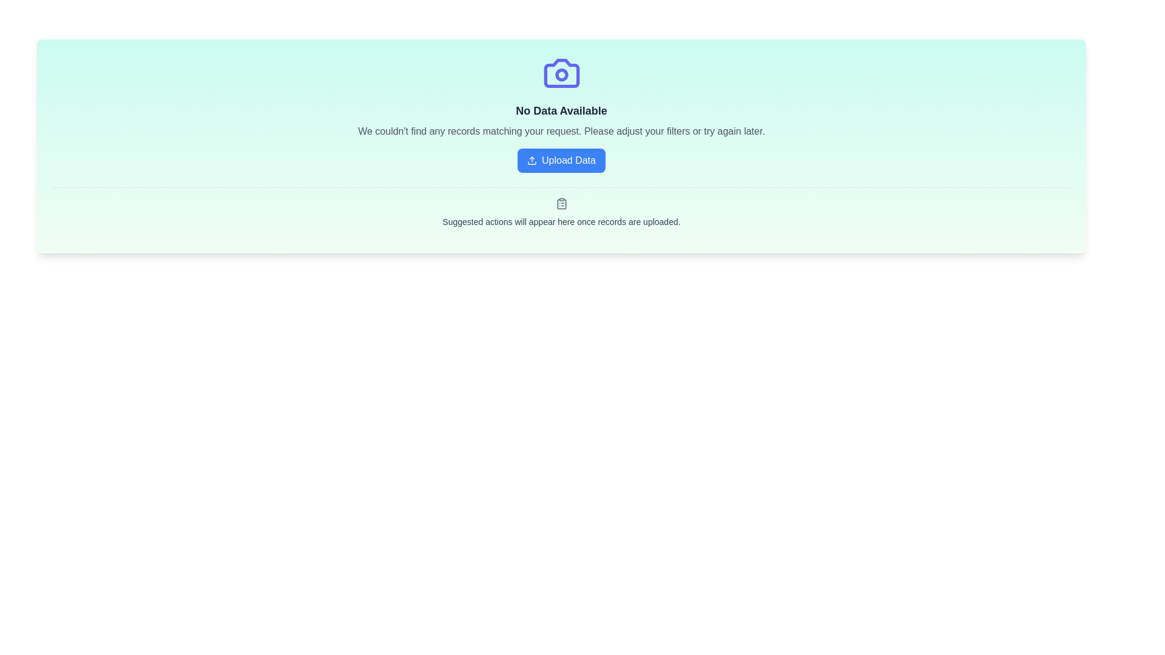 The height and width of the screenshot is (655, 1165). What do you see at coordinates (561, 203) in the screenshot?
I see `the small clipboard icon, which is light gray and rounded, located above the message 'Suggested actions will appear here once records are uploaded.'` at bounding box center [561, 203].